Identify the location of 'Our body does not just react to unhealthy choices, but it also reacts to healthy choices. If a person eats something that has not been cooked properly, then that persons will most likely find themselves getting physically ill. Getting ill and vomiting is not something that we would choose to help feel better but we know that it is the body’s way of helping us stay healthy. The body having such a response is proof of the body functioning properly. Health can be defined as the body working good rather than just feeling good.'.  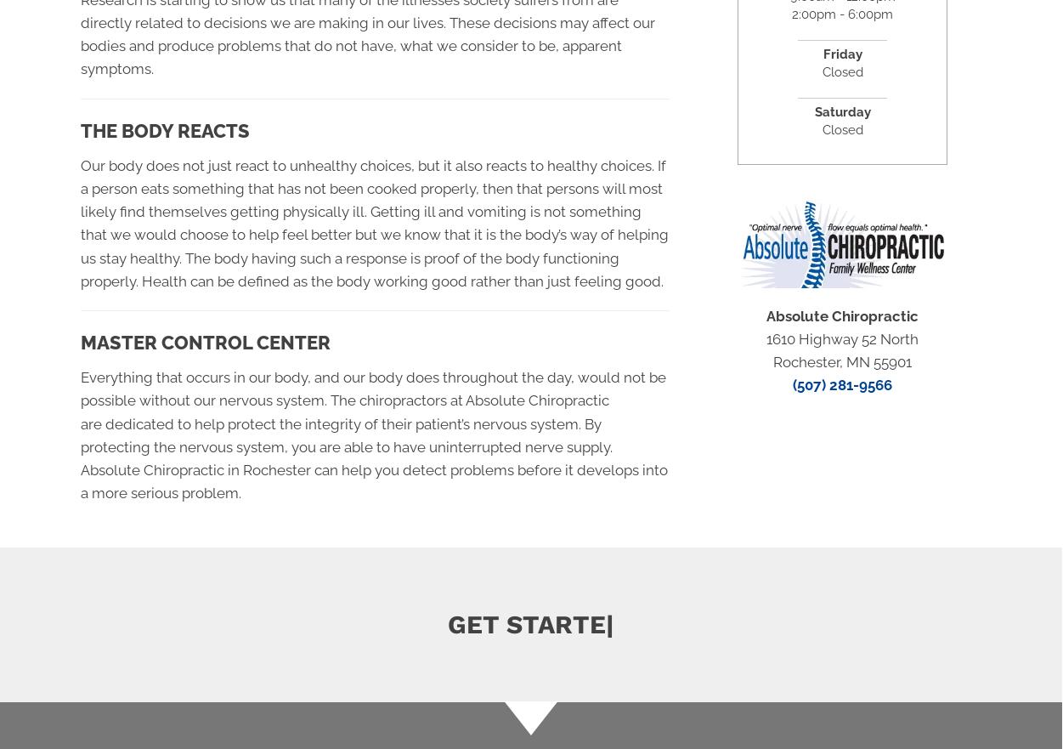
(374, 223).